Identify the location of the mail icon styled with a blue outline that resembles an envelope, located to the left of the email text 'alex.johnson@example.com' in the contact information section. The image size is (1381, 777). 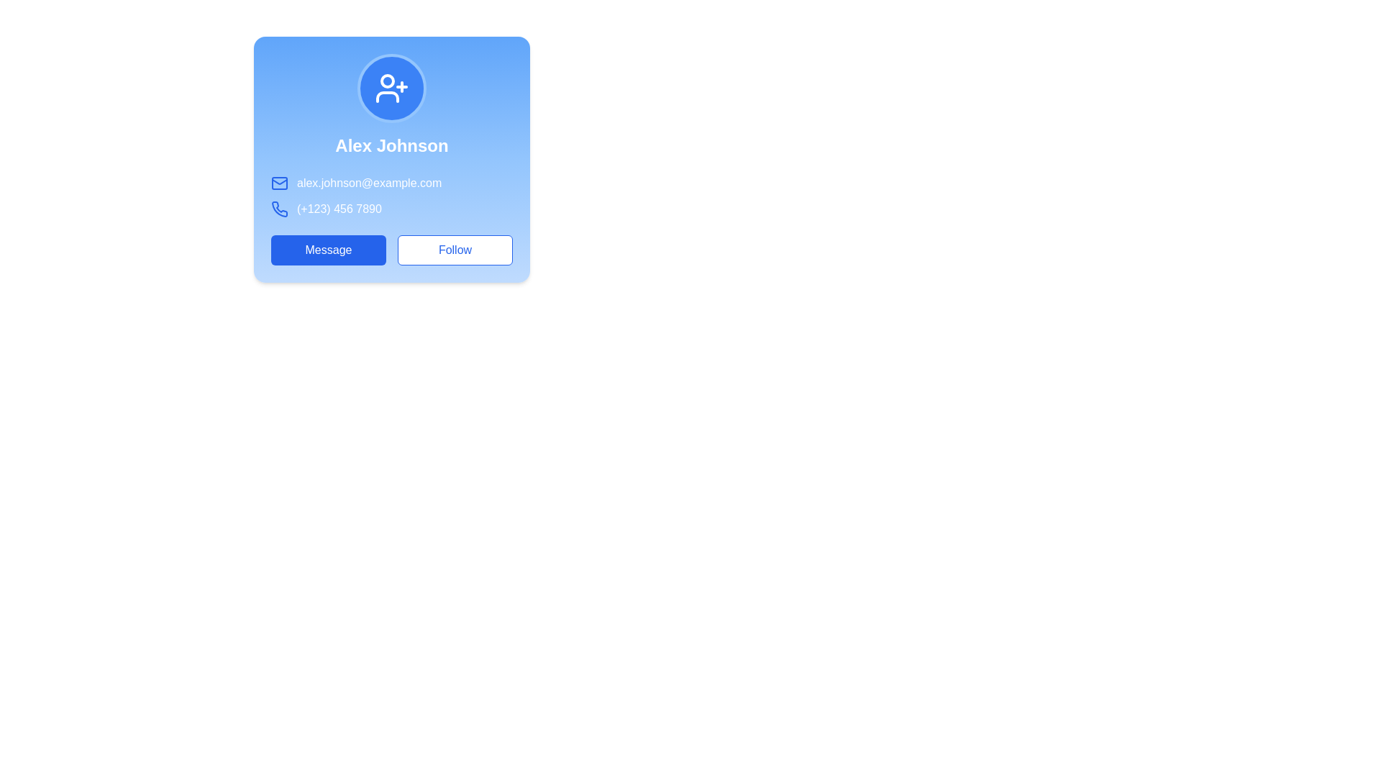
(279, 182).